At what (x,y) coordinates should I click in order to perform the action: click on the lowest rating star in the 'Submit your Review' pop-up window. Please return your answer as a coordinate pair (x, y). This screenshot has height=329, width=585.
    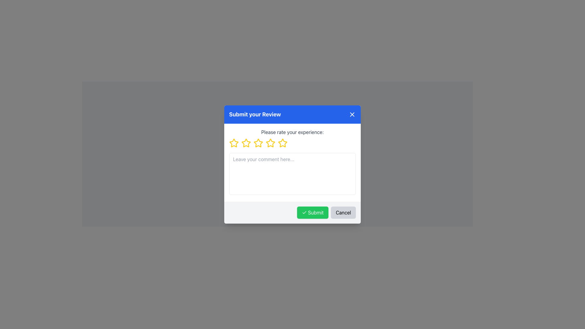
    Looking at the image, I should click on (234, 143).